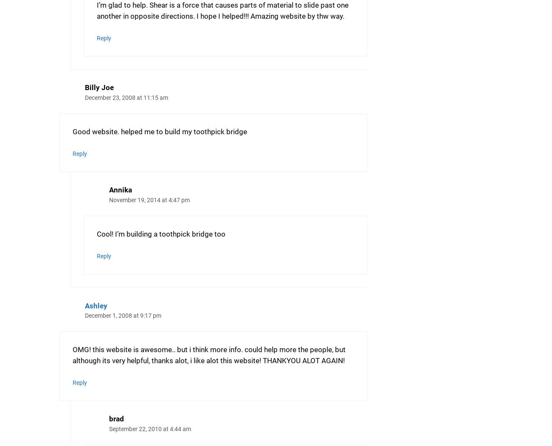  Describe the element at coordinates (126, 97) in the screenshot. I see `'December 23, 2008 at 11:15 am'` at that location.